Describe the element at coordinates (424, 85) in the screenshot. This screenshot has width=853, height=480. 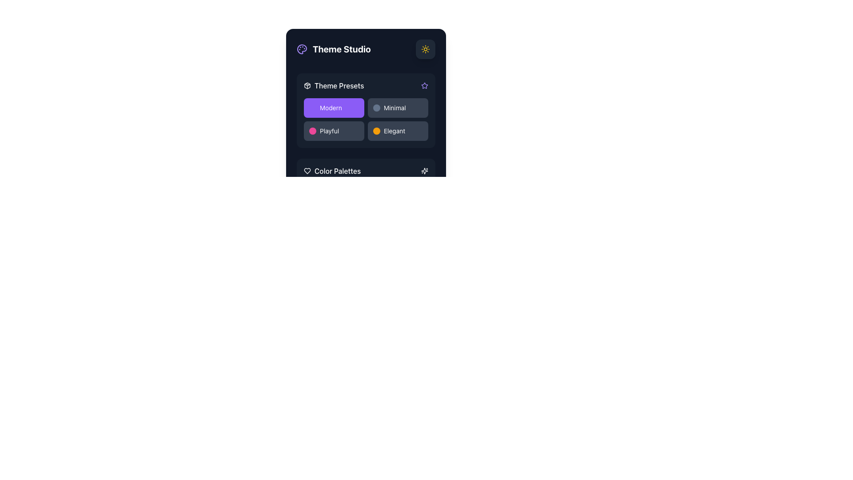
I see `the violet outlined five-point star icon located near the top-right corner of the 'Theme Studio' box` at that location.